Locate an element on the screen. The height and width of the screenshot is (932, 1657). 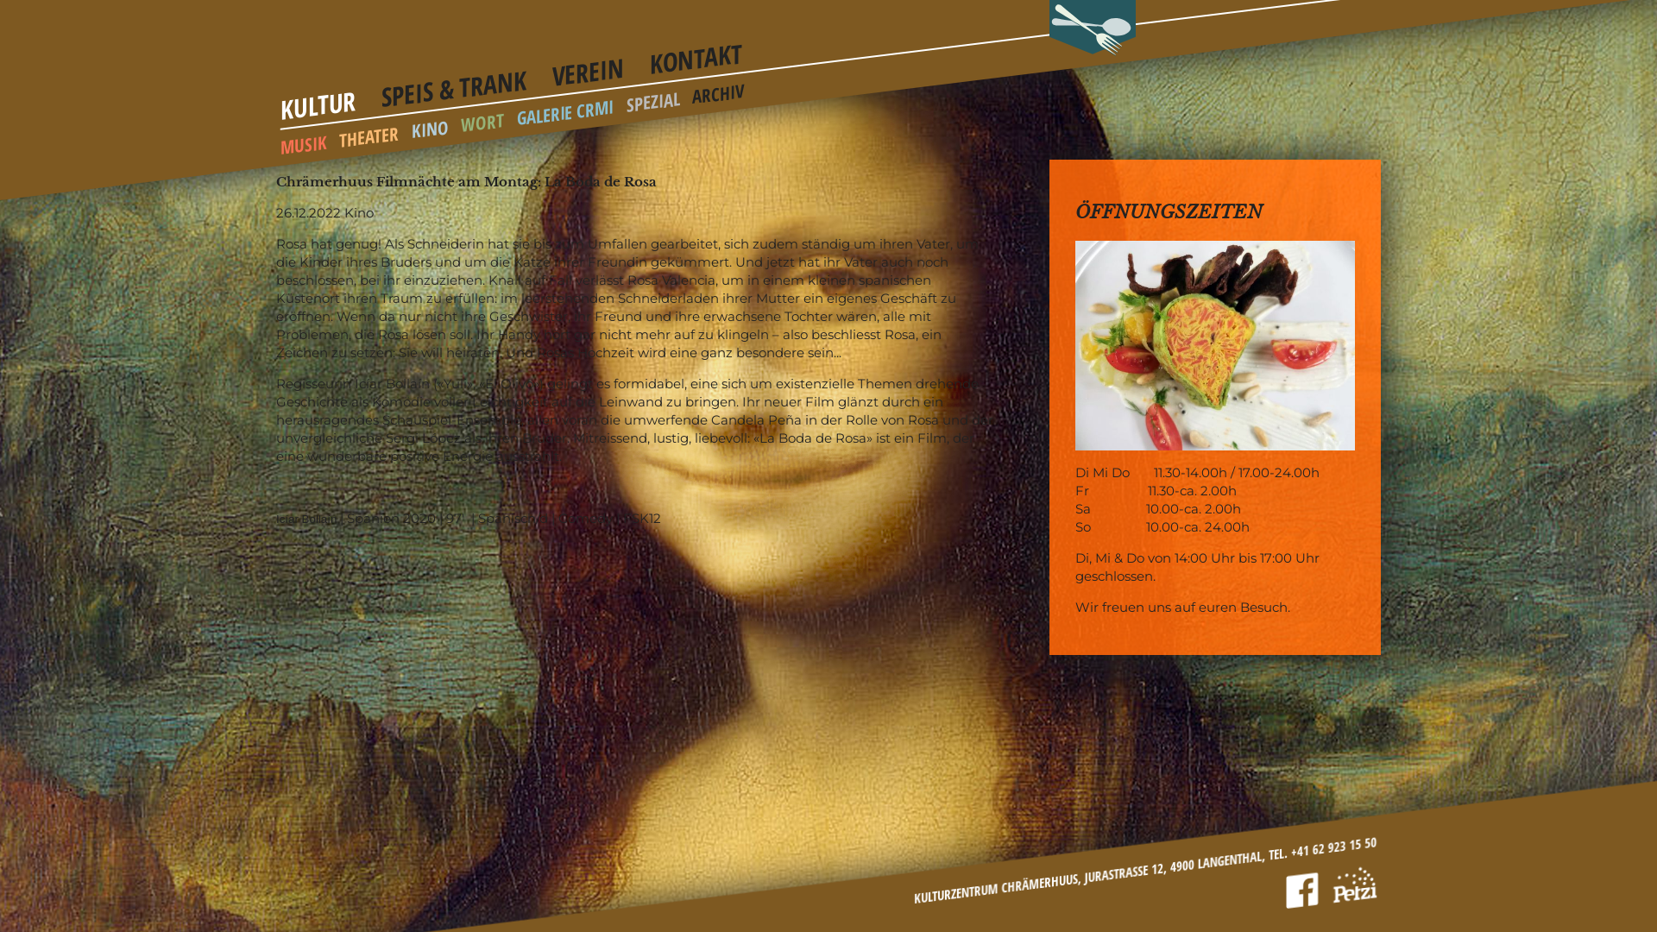
'VEREIN' is located at coordinates (588, 66).